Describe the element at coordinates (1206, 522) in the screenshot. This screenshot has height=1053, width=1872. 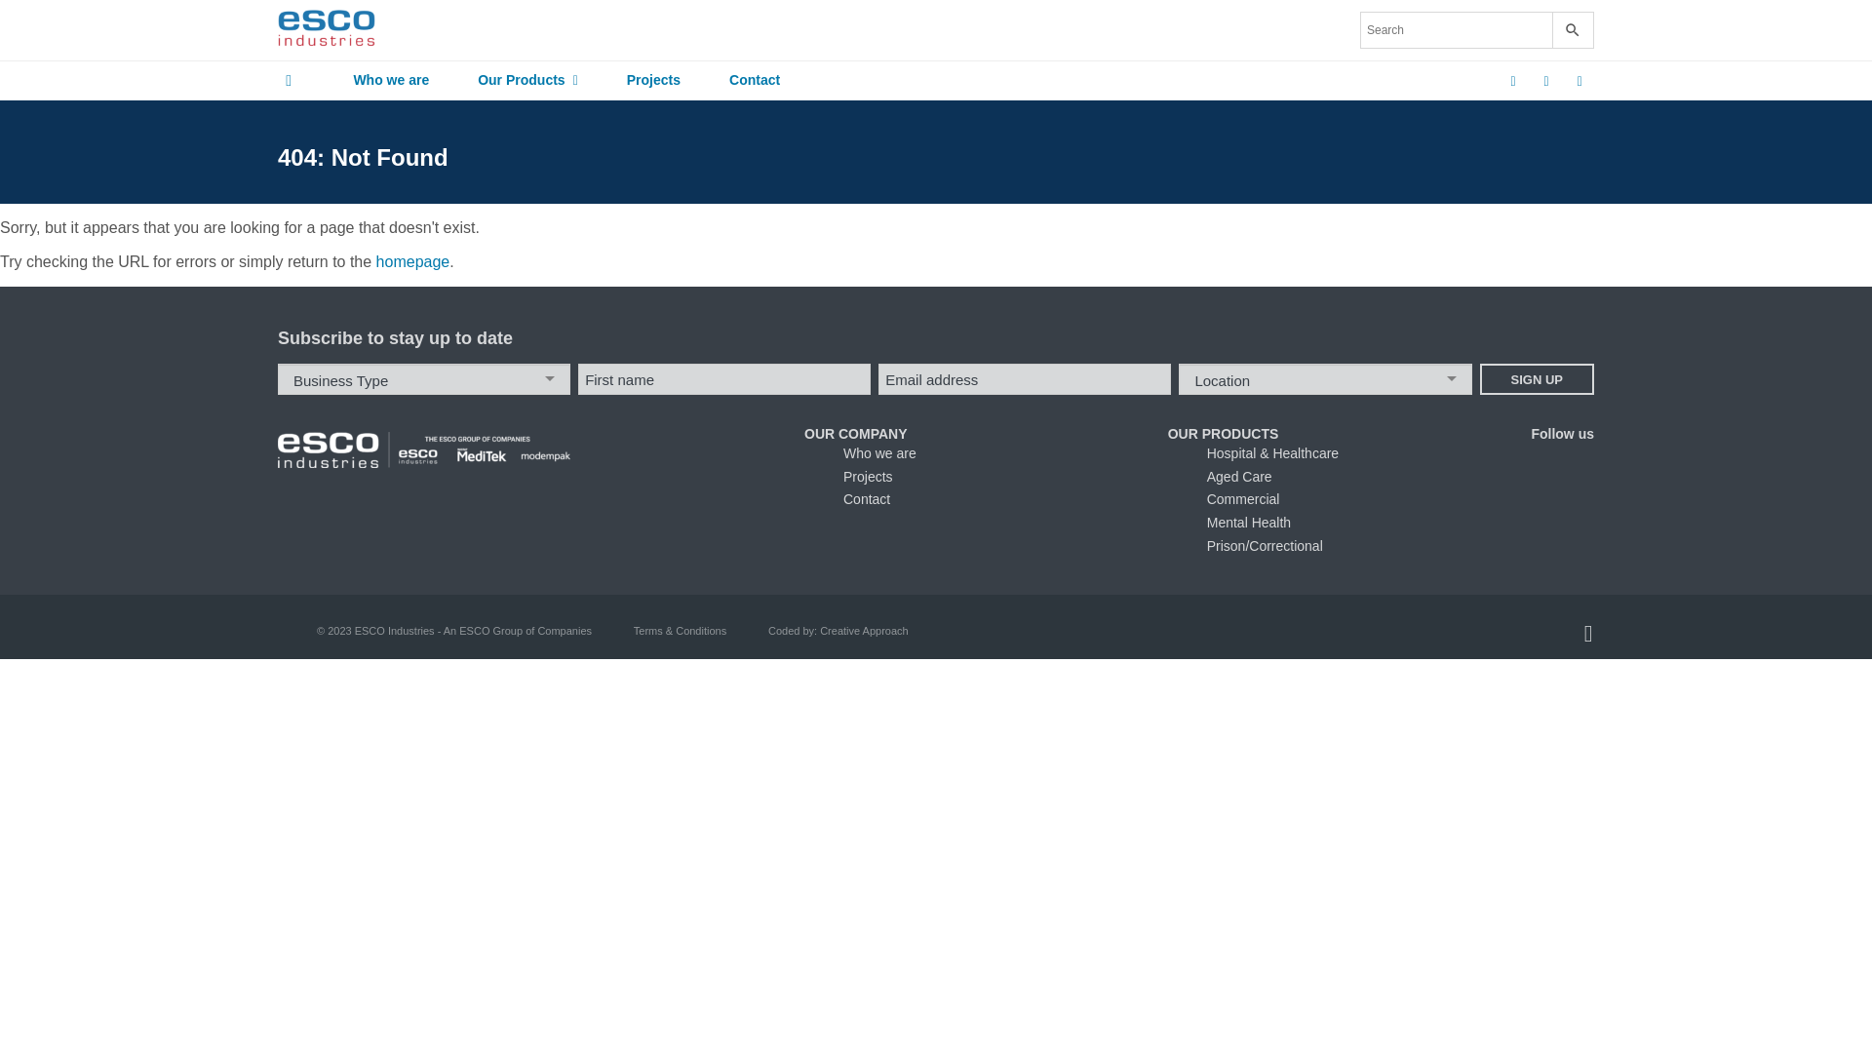
I see `'Mental Health'` at that location.